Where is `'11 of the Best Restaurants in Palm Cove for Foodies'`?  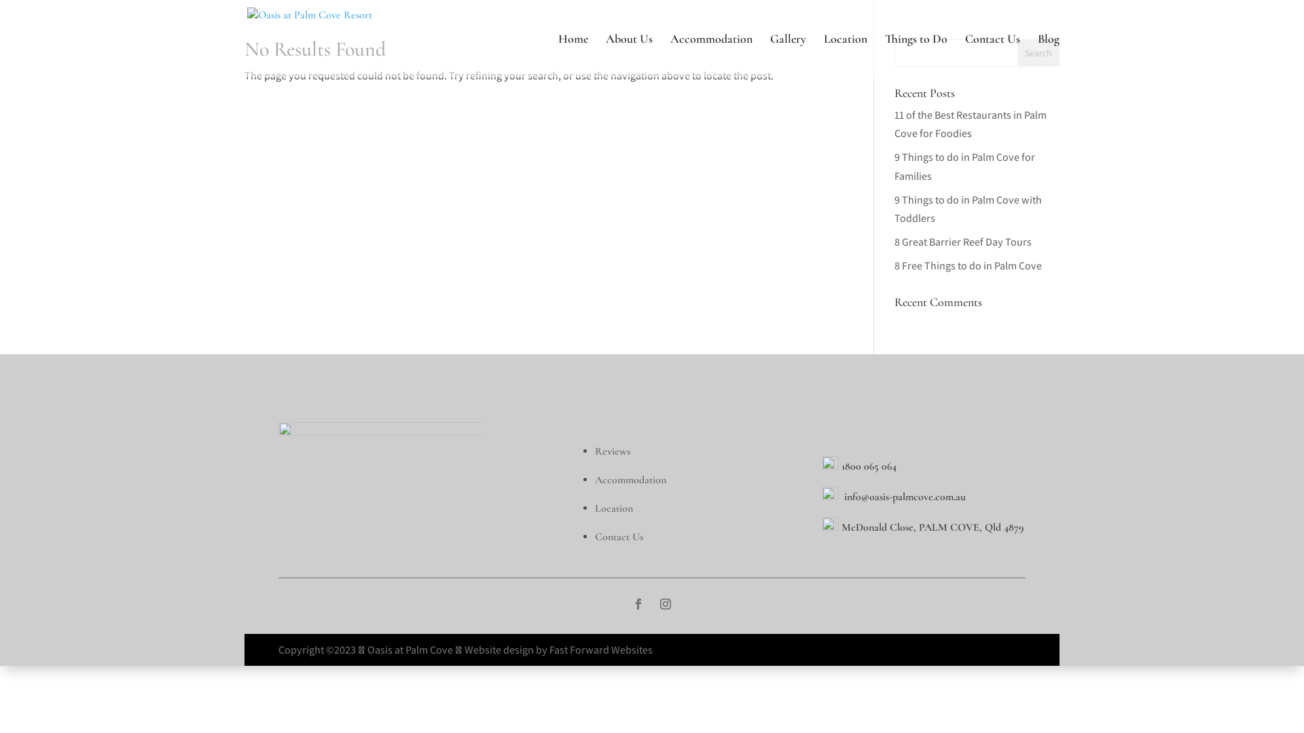
'11 of the Best Restaurants in Palm Cove for Foodies' is located at coordinates (894, 124).